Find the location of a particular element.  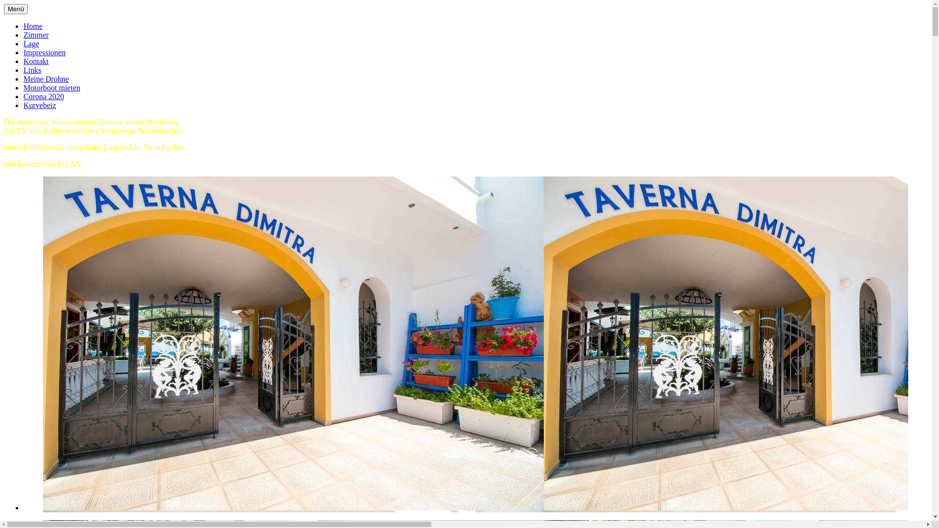

'Links' is located at coordinates (23, 69).